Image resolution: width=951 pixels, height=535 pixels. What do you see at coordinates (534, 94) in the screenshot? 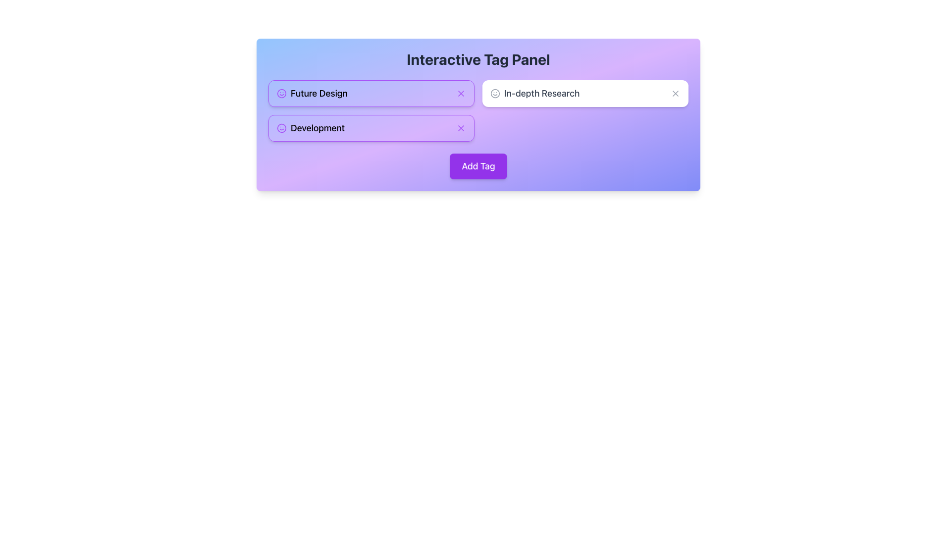
I see `the Text Label with Icon that contains a smiley icon and the text 'In-depth Research', located in the top-right section adjacent to 'Future Design' and 'Development' tags` at bounding box center [534, 94].